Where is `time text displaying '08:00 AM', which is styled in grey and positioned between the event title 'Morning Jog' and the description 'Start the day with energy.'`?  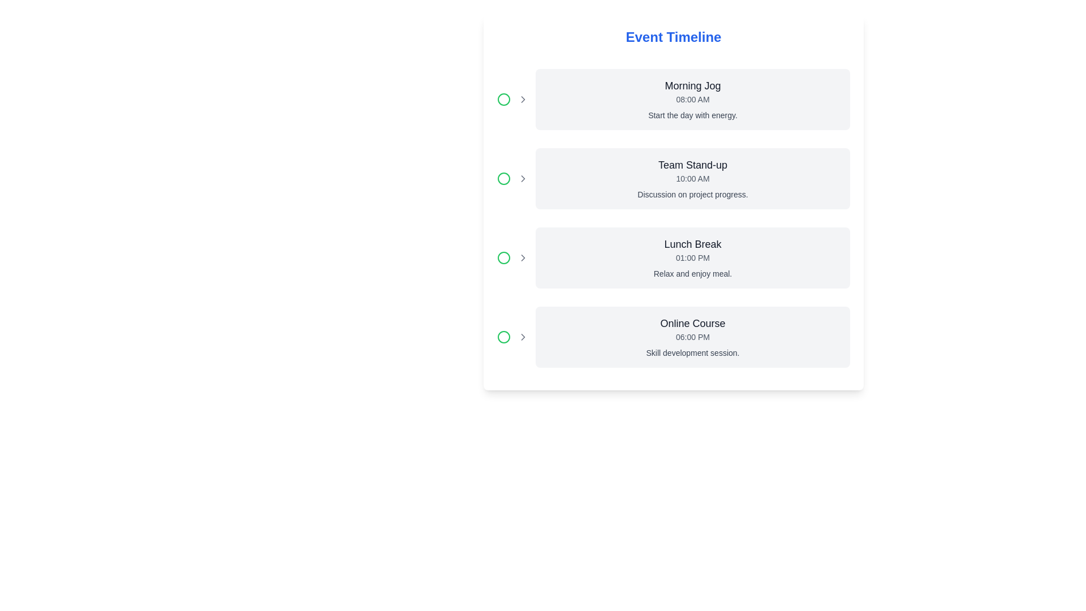 time text displaying '08:00 AM', which is styled in grey and positioned between the event title 'Morning Jog' and the description 'Start the day with energy.' is located at coordinates (692, 99).